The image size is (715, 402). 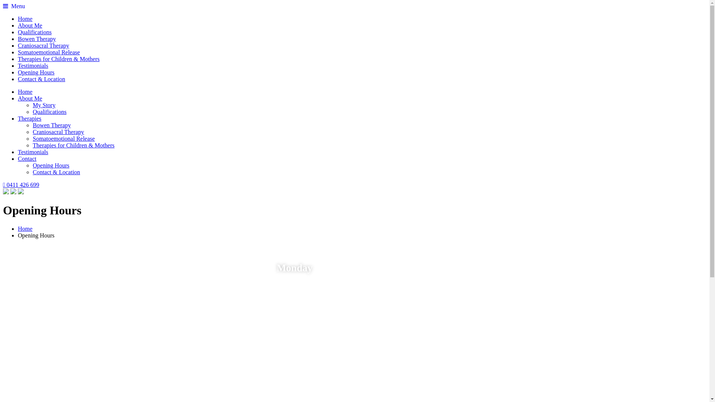 I want to click on 'Home', so click(x=25, y=18).